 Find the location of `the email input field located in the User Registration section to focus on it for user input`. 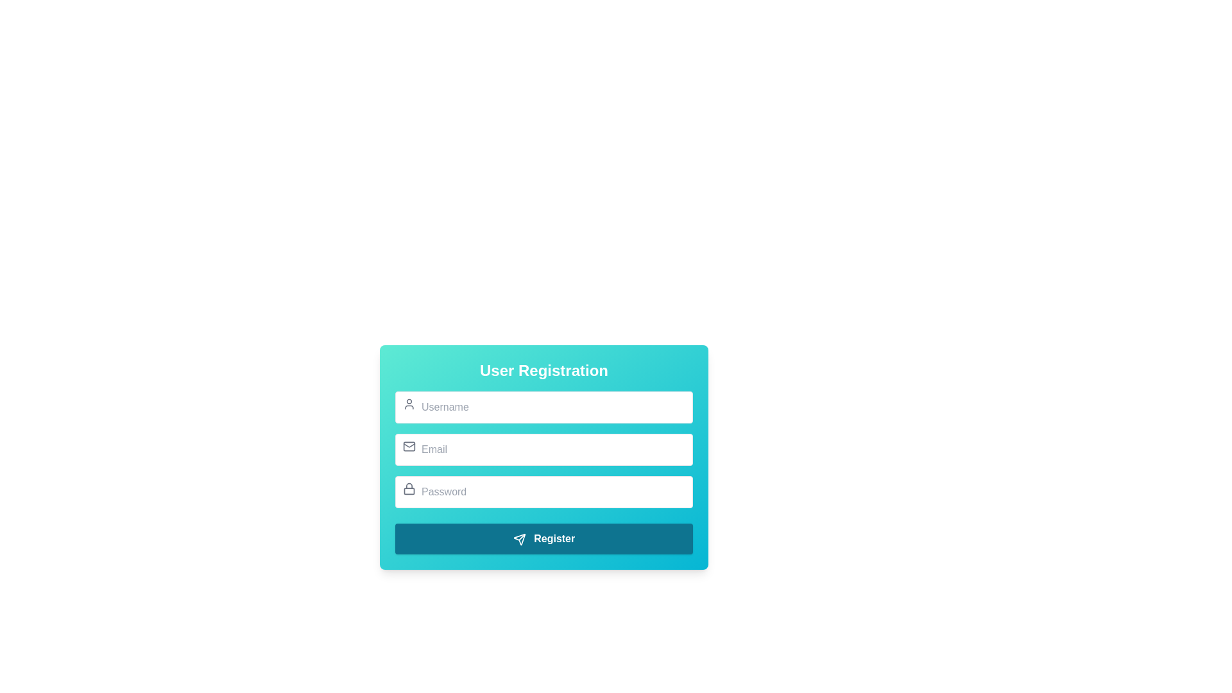

the email input field located in the User Registration section to focus on it for user input is located at coordinates (544, 457).